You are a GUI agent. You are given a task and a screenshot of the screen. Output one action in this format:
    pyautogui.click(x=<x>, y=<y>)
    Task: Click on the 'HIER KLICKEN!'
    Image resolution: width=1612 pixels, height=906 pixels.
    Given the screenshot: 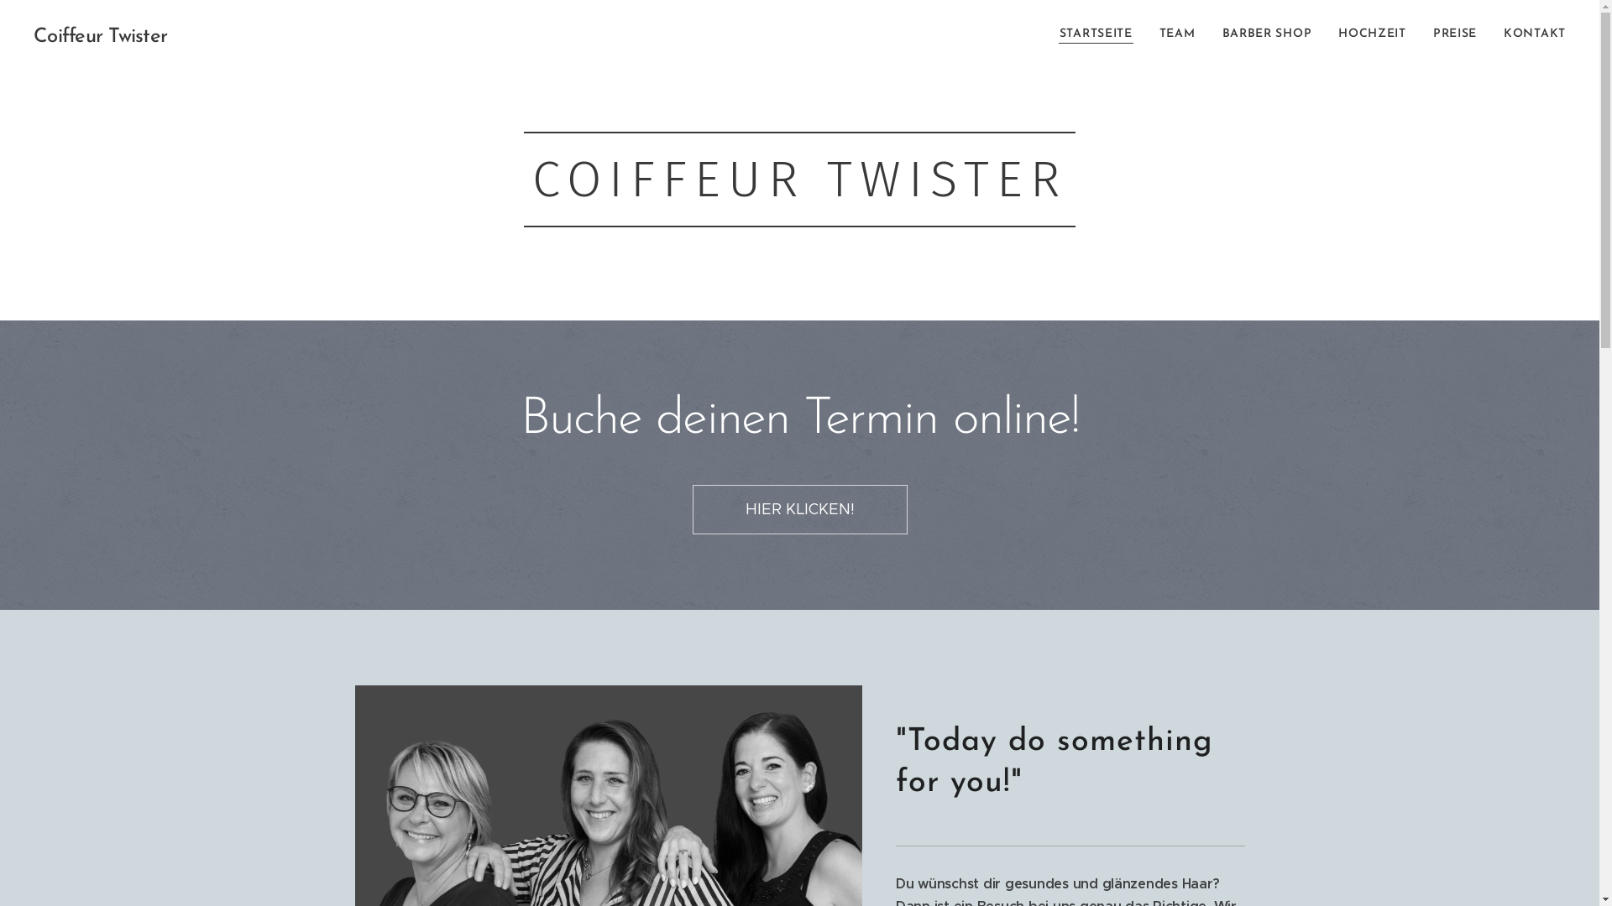 What is the action you would take?
    pyautogui.click(x=798, y=508)
    